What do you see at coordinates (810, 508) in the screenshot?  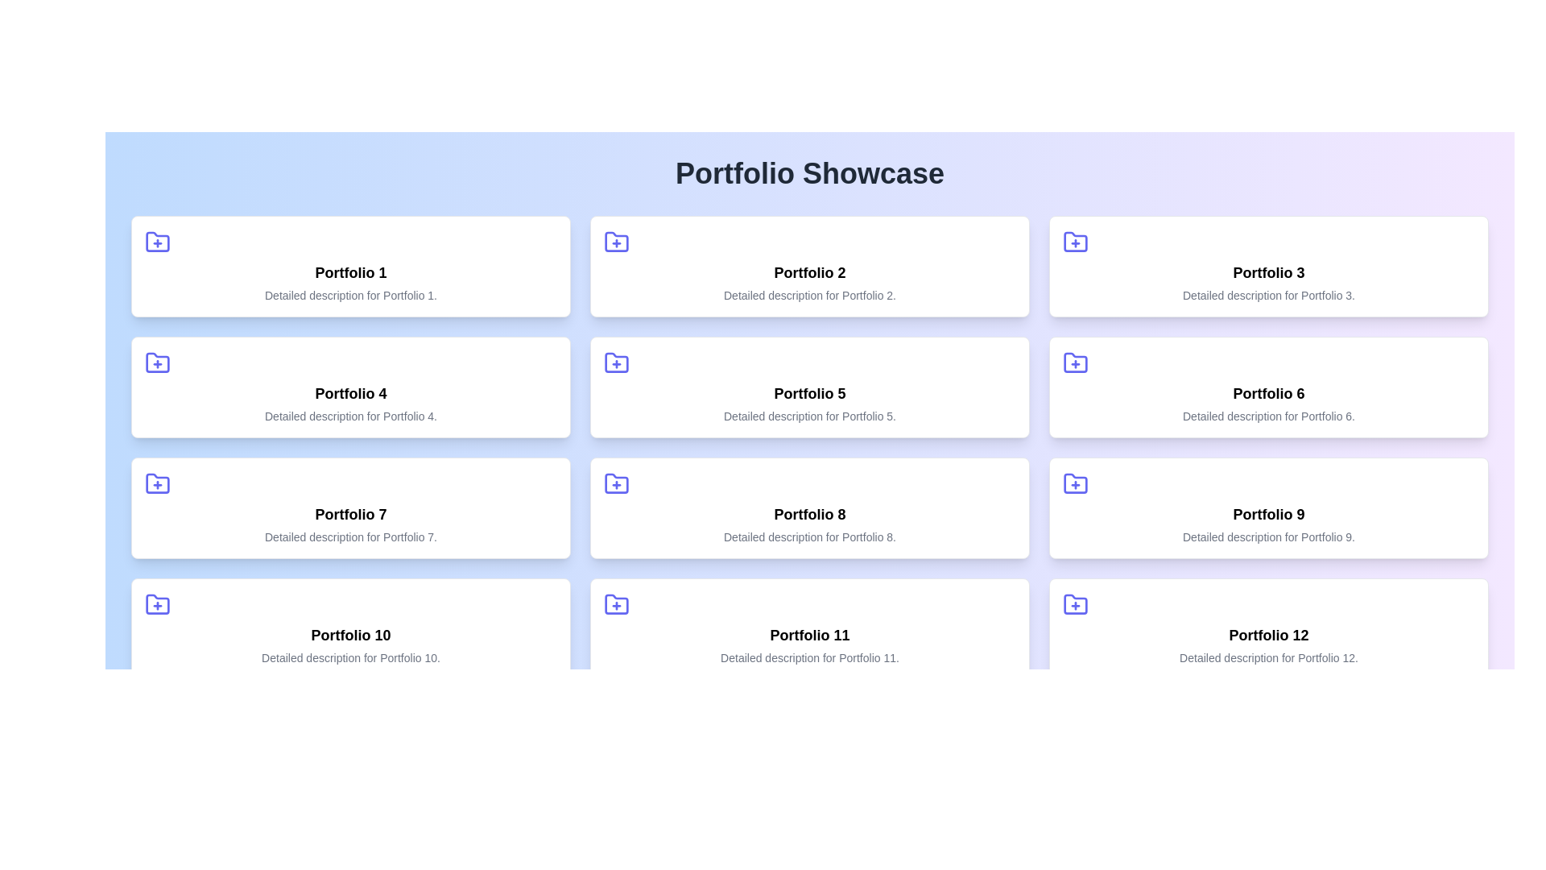 I see `the portfolio entry card located in the third row and second column of the grid, positioned between 'Portfolio 7' and 'Portfolio 9'` at bounding box center [810, 508].